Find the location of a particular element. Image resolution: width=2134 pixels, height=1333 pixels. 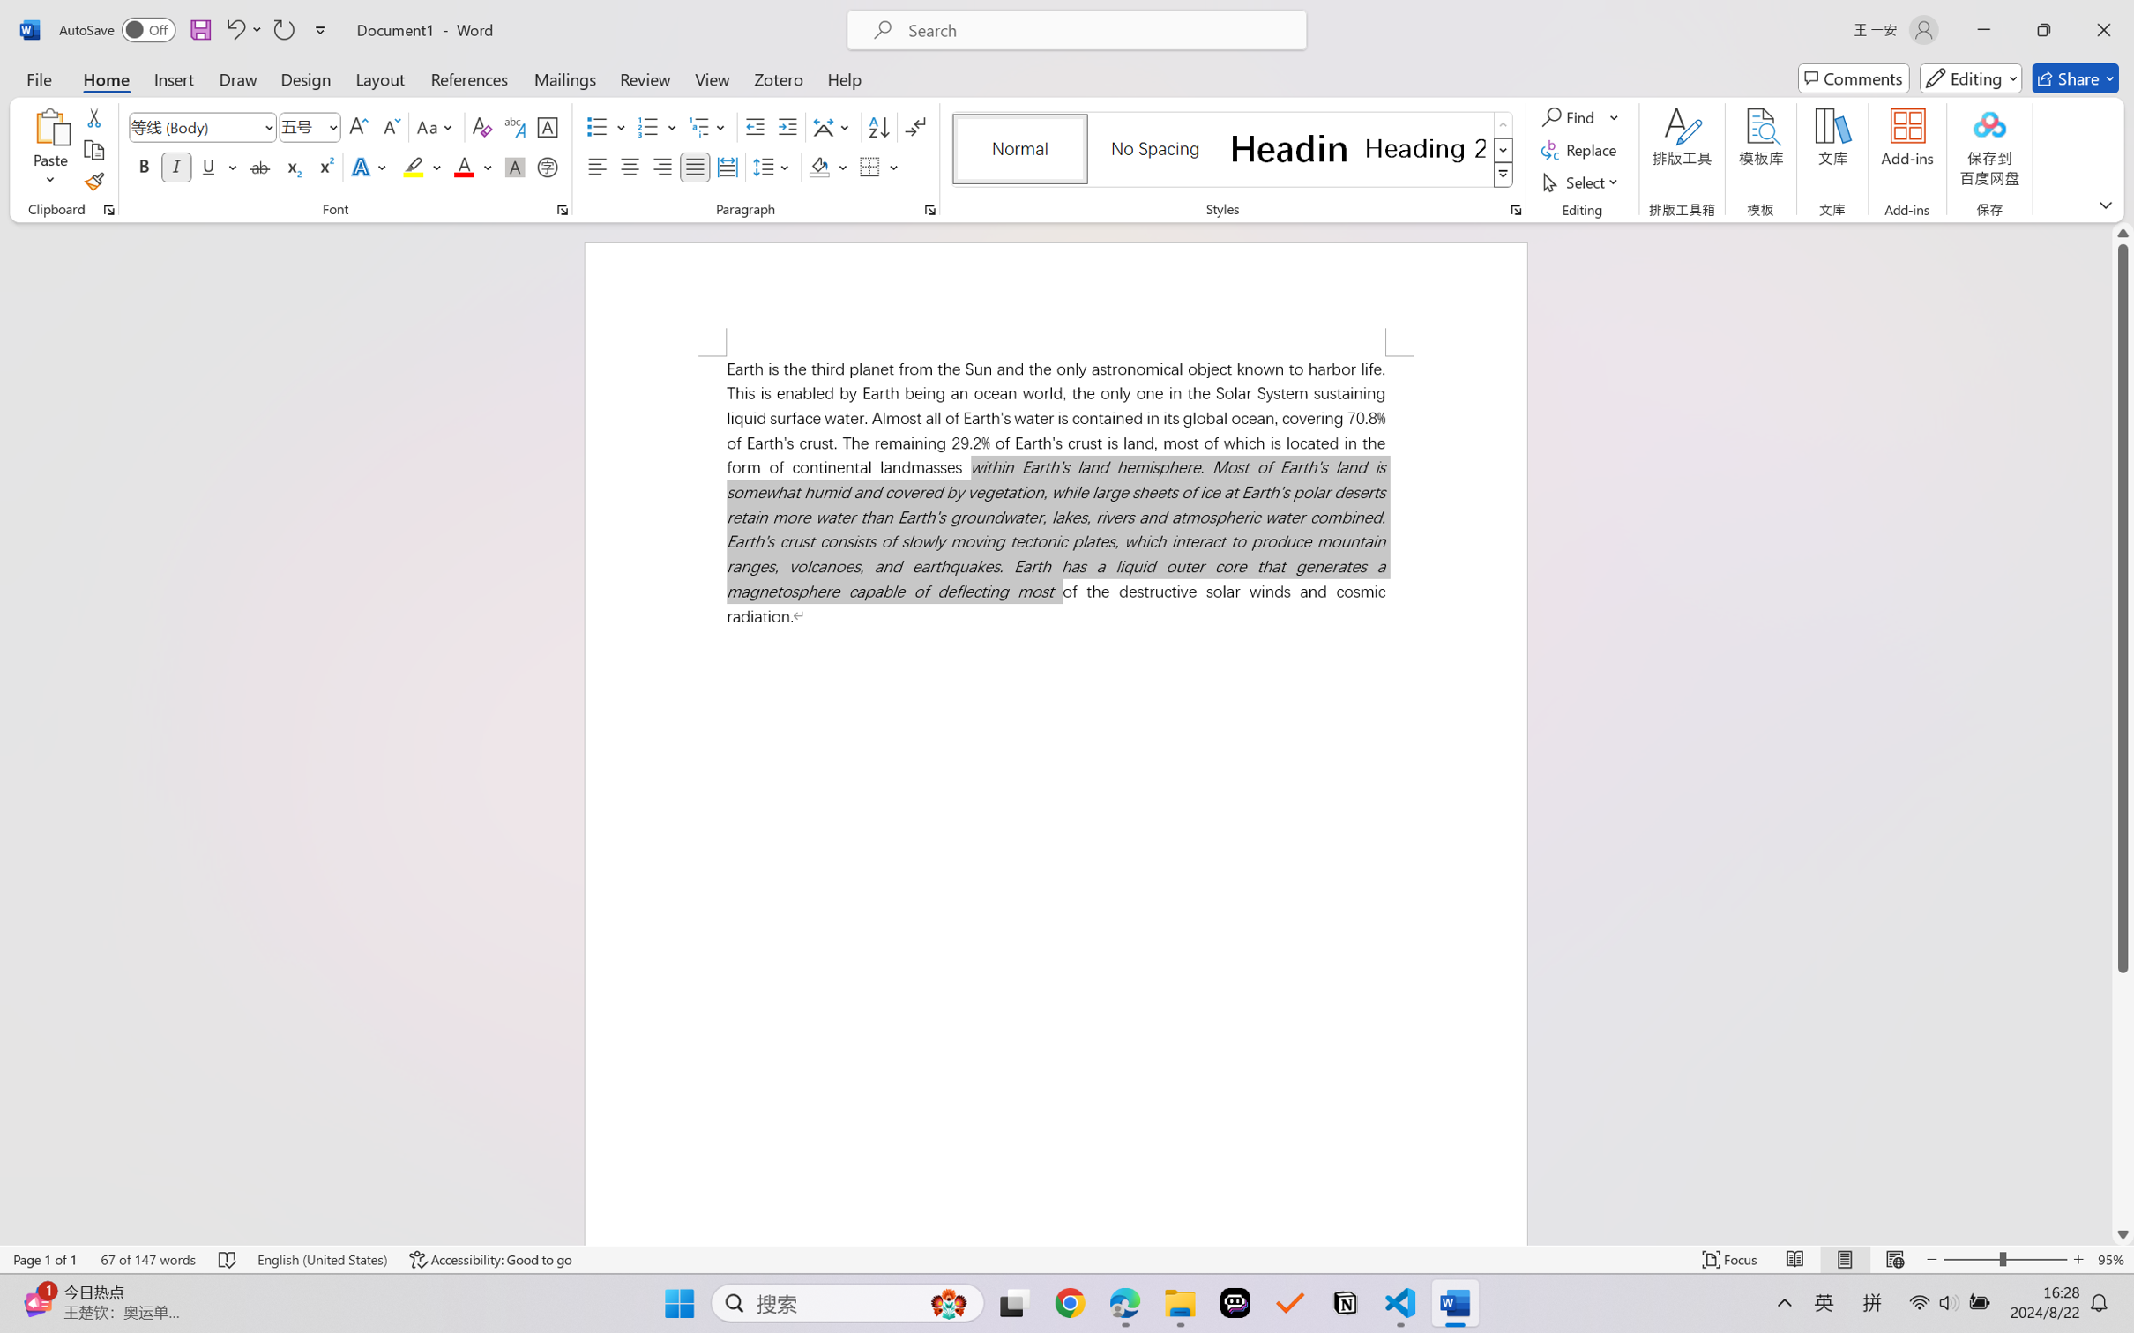

'Shading' is located at coordinates (828, 166).